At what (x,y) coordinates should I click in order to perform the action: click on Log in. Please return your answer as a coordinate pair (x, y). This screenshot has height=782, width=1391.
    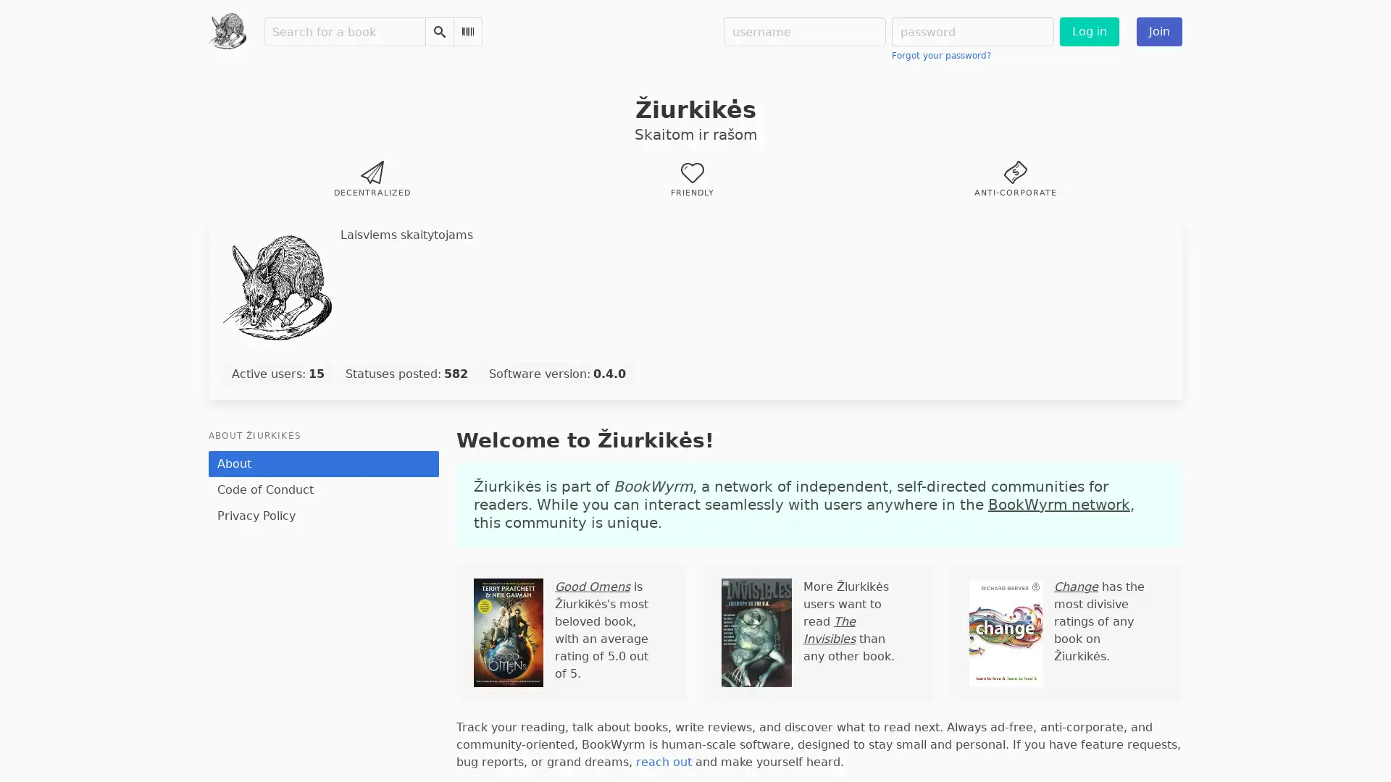
    Looking at the image, I should click on (1088, 31).